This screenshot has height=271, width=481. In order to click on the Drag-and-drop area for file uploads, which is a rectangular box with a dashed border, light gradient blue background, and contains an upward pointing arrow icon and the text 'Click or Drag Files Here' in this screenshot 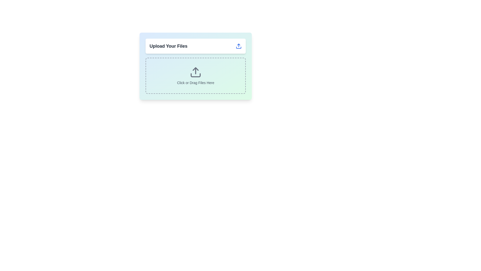, I will do `click(195, 76)`.